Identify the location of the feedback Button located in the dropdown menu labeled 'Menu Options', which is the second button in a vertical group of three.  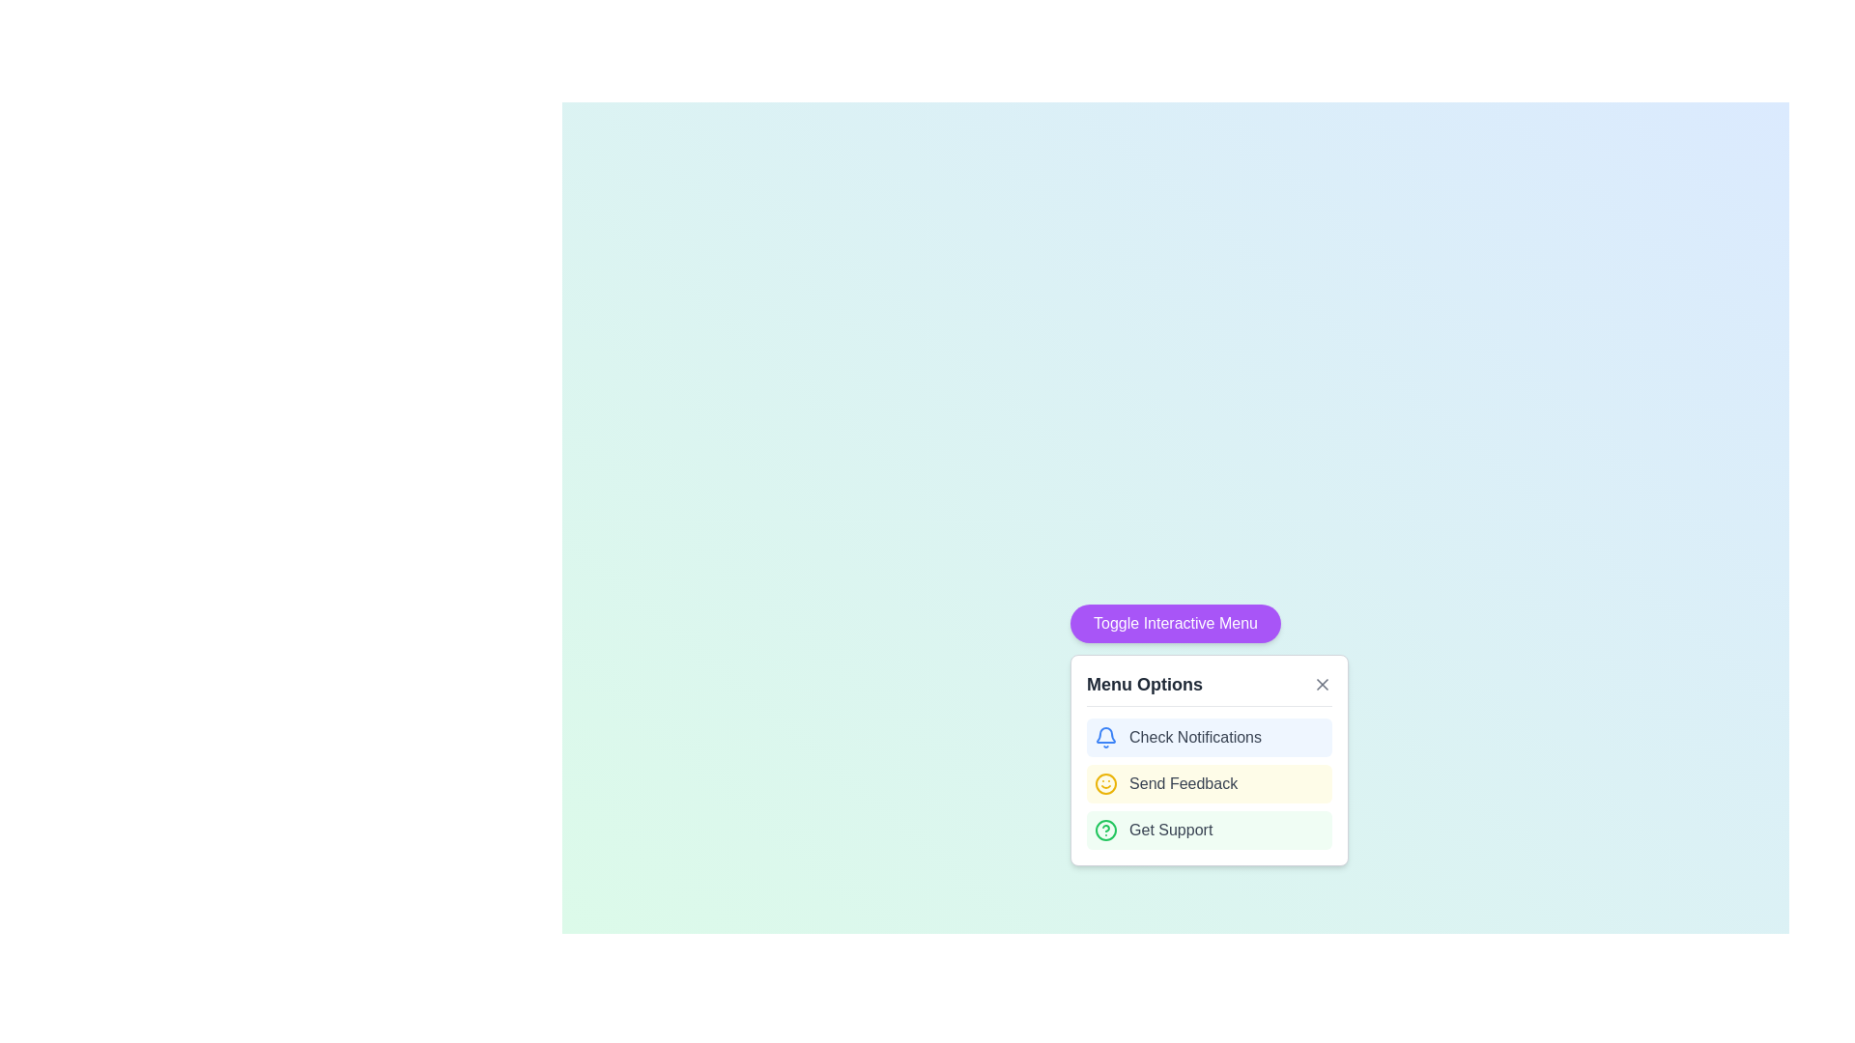
(1209, 759).